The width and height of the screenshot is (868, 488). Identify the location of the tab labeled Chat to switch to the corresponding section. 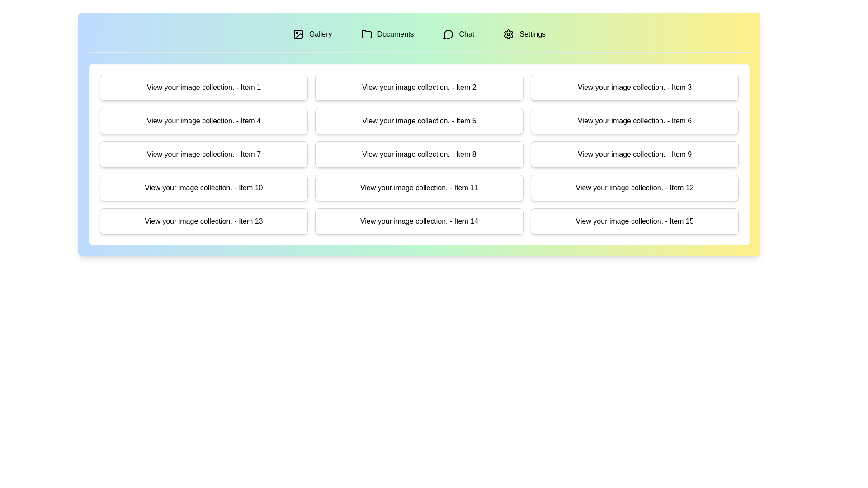
(458, 34).